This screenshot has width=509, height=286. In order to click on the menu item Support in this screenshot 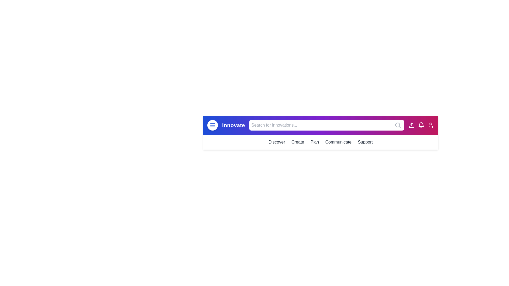, I will do `click(365, 142)`.